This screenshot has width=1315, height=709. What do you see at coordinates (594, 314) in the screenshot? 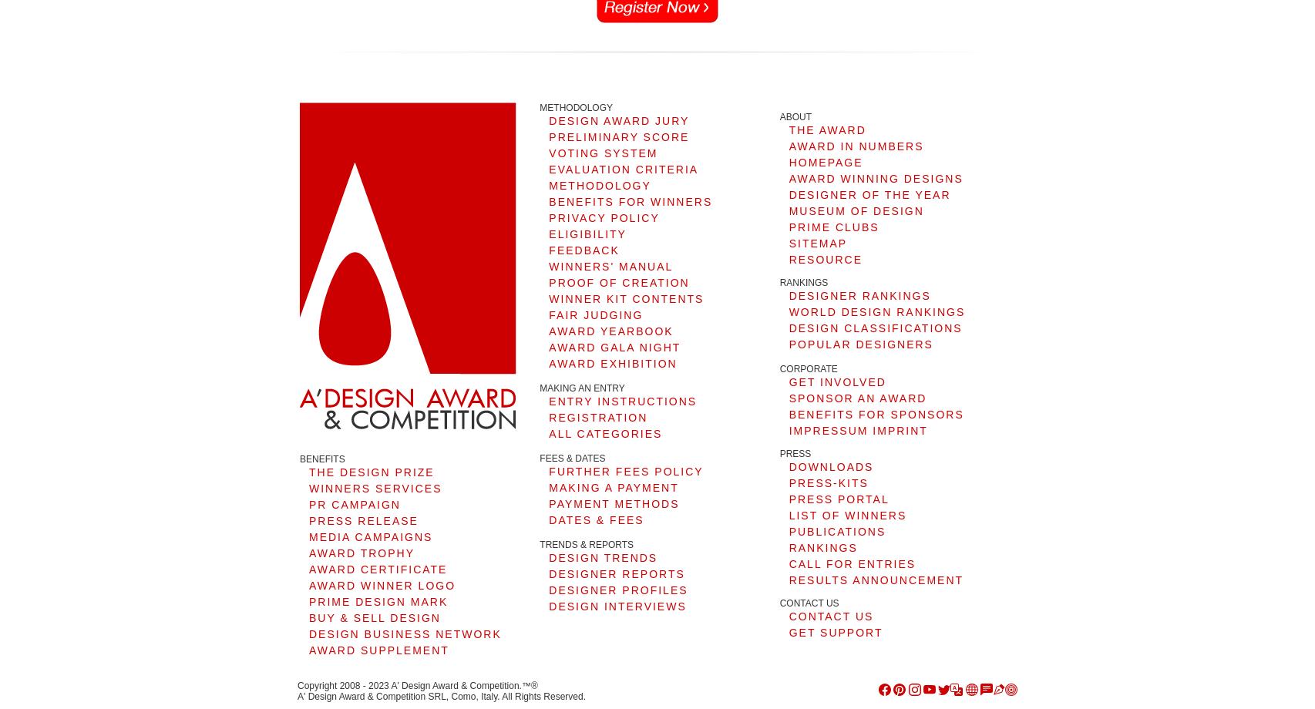
I see `'FAIR JUDGING'` at bounding box center [594, 314].